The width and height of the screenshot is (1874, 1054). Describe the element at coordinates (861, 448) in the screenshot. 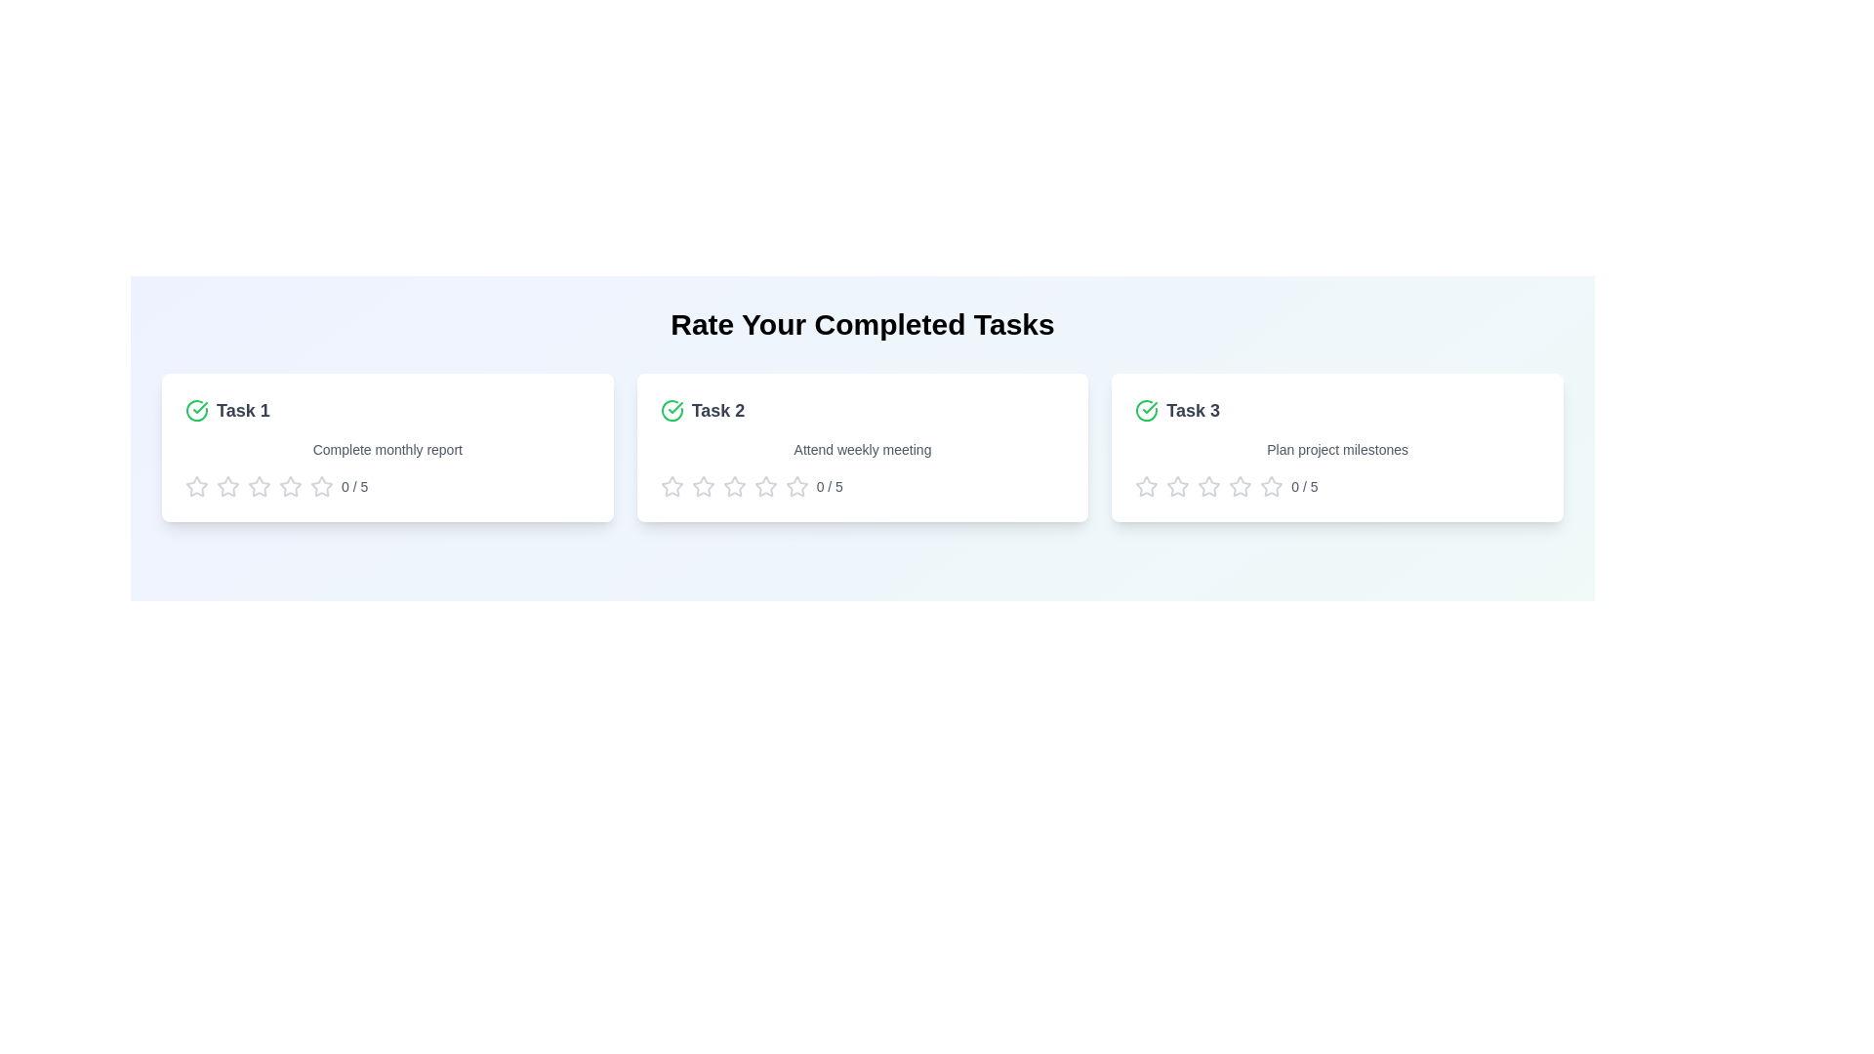

I see `the task card for Task 2` at that location.